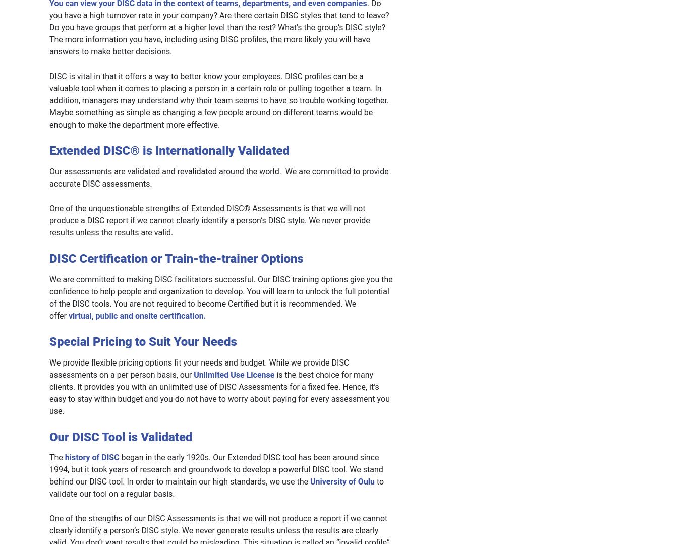 This screenshot has width=689, height=544. I want to click on 'The', so click(56, 457).